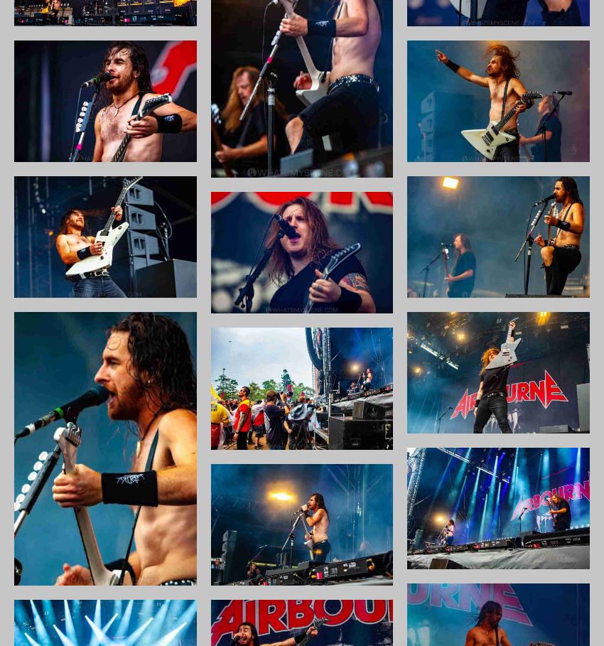  I want to click on 'June 2020', so click(473, 570).